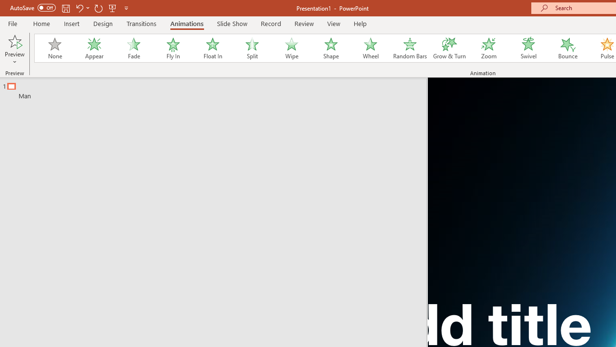 This screenshot has width=616, height=347. What do you see at coordinates (133, 48) in the screenshot?
I see `'Fade'` at bounding box center [133, 48].